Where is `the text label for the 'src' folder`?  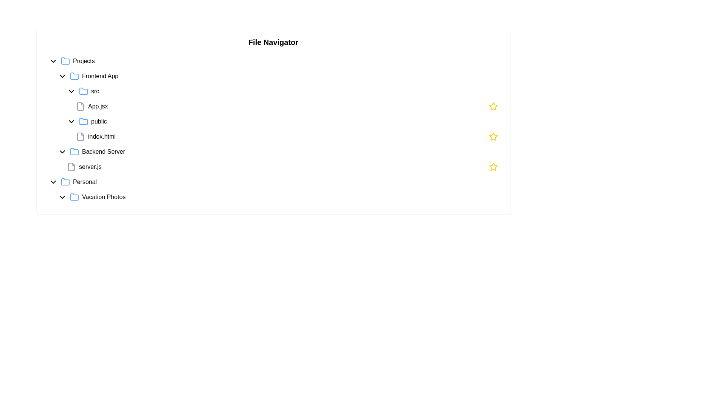
the text label for the 'src' folder is located at coordinates (95, 91).